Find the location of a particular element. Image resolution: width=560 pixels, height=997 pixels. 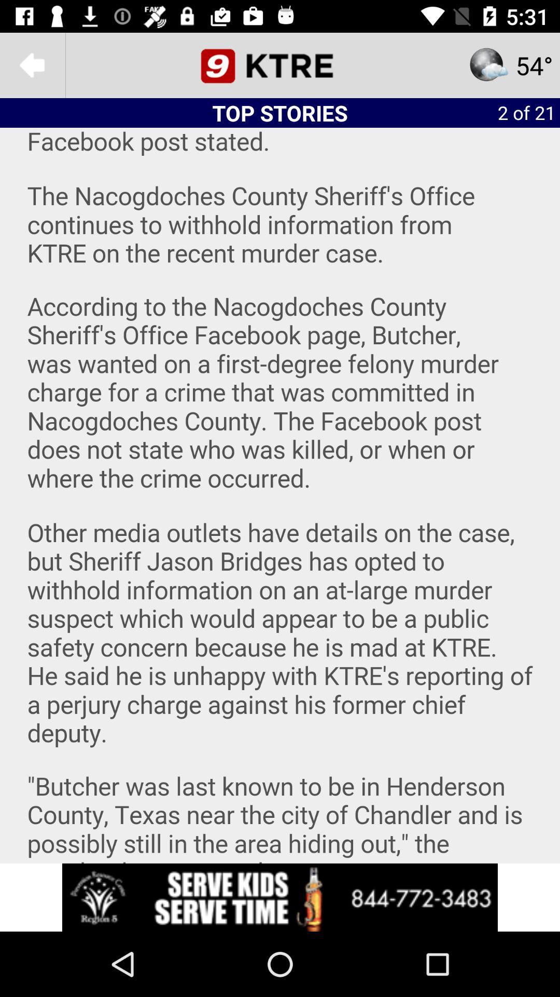

open news website is located at coordinates (280, 64).